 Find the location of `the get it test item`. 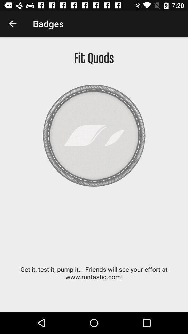

the get it test item is located at coordinates (94, 277).